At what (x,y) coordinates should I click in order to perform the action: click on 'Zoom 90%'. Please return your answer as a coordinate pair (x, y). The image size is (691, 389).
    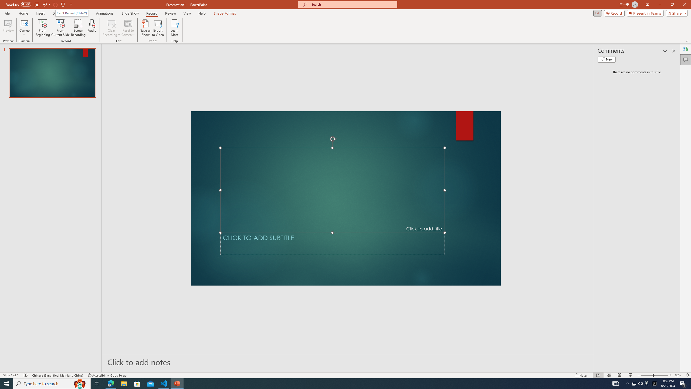
    Looking at the image, I should click on (679, 375).